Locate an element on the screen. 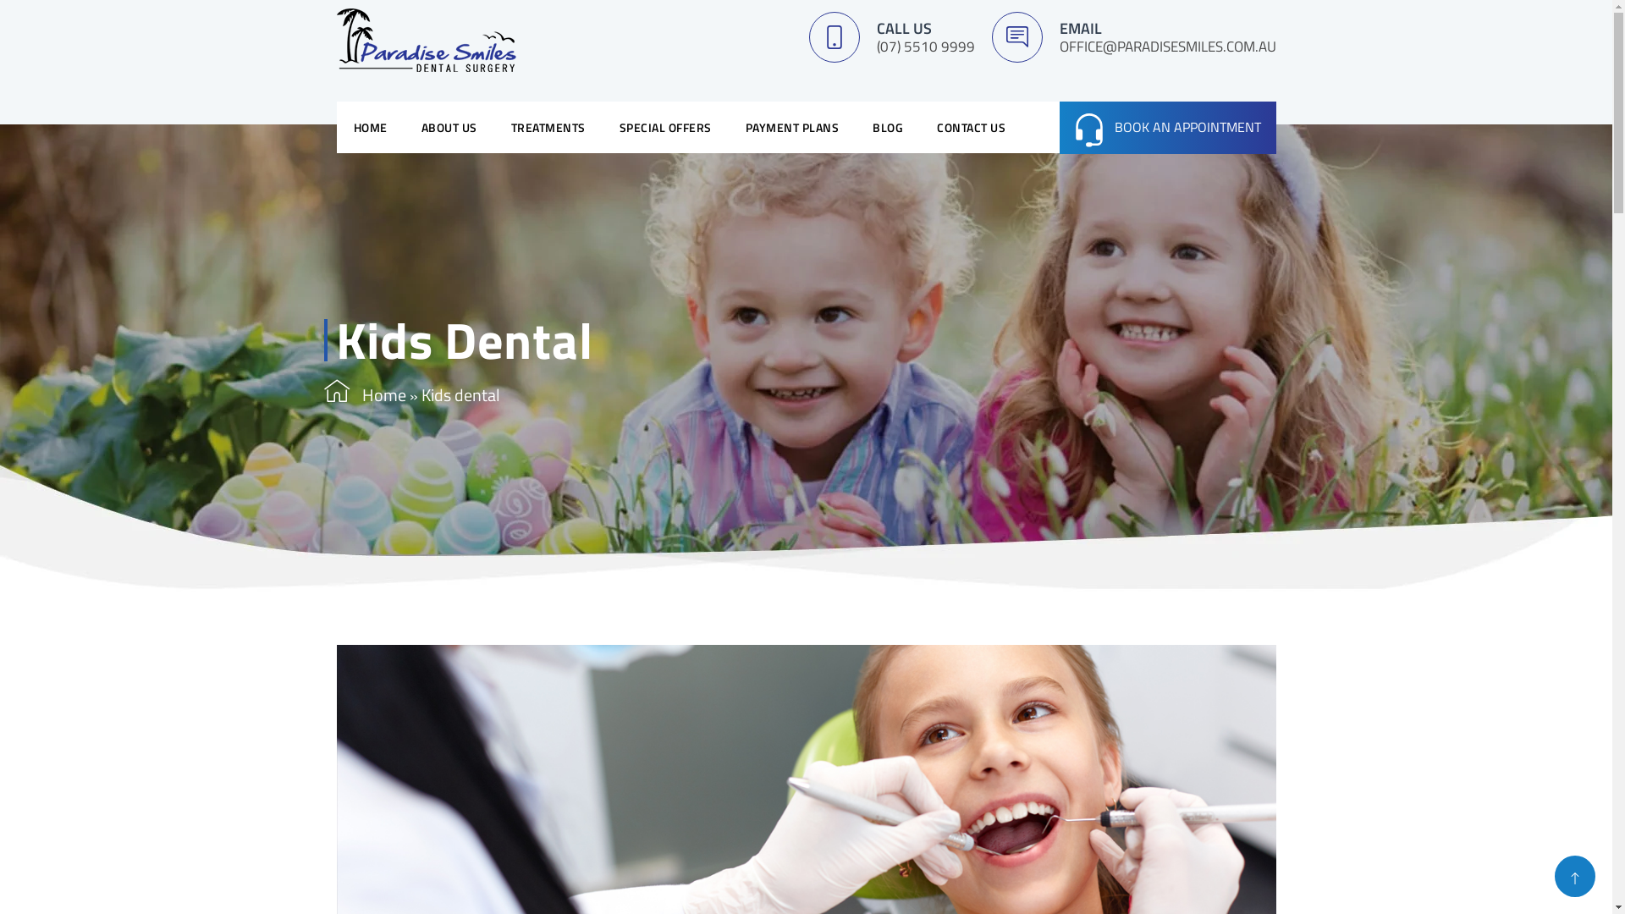 The height and width of the screenshot is (914, 1625). 'OFFICE@PARADISESMILES.COM.AU' is located at coordinates (1167, 45).